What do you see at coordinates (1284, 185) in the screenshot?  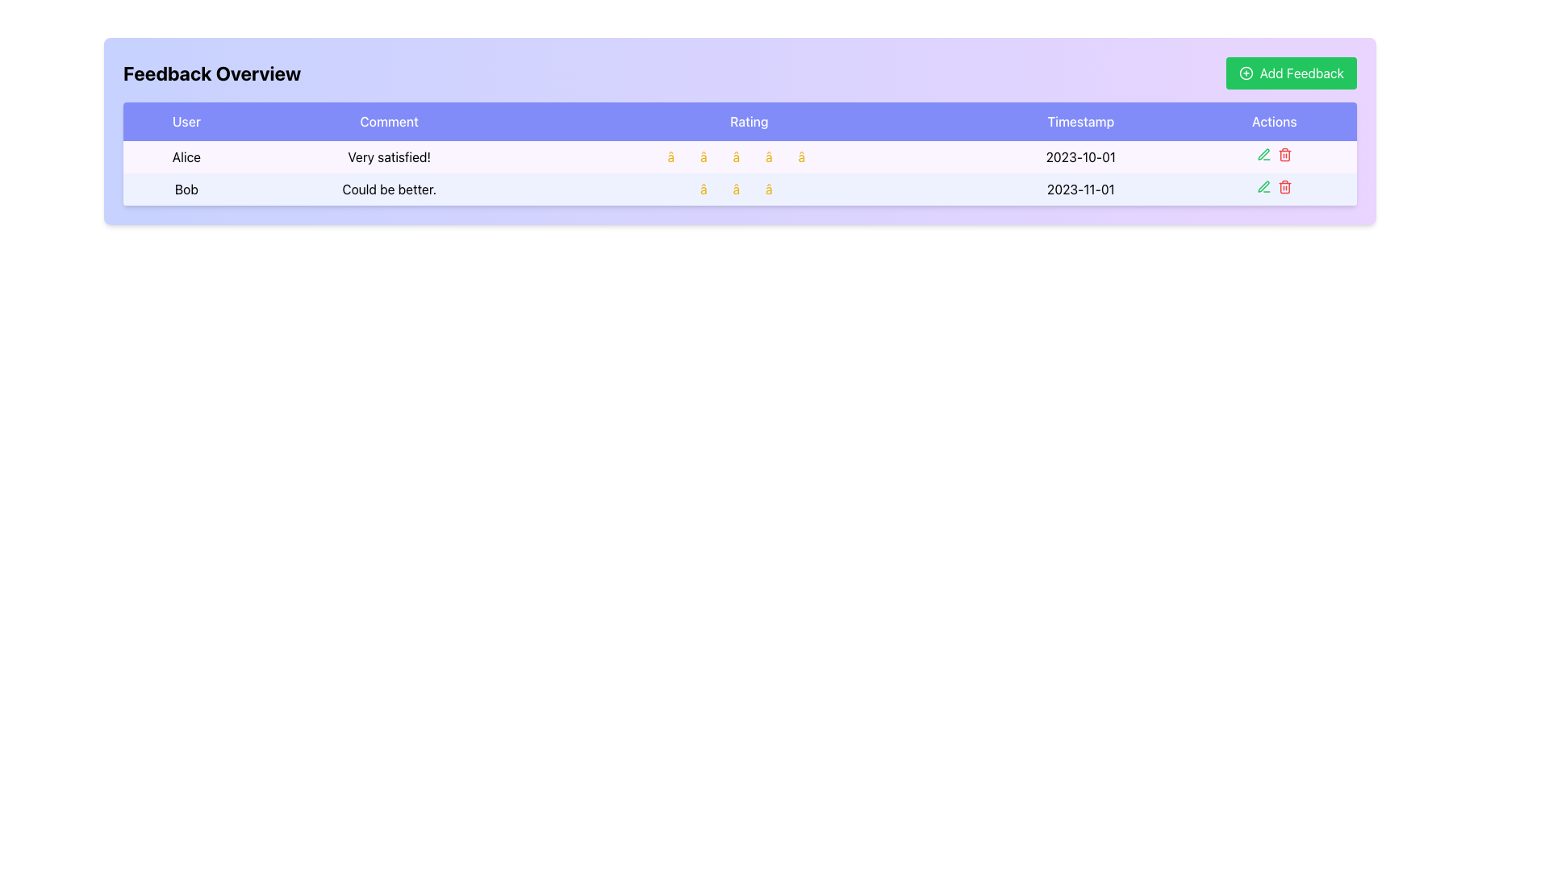 I see `the red trash icon button located at the rightmost end of the second row in the 'Actions' column of the displayed table` at bounding box center [1284, 185].